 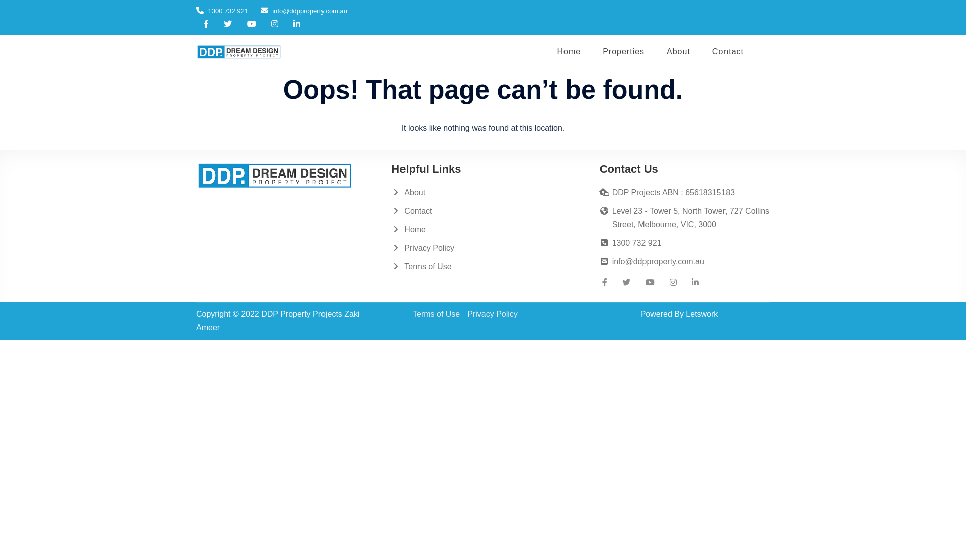 I want to click on '1300 732 921', so click(x=221, y=11).